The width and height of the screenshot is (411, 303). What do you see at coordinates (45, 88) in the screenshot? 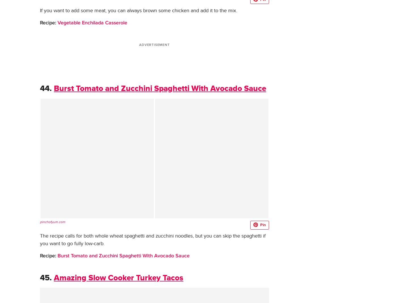
I see `'44.'` at bounding box center [45, 88].